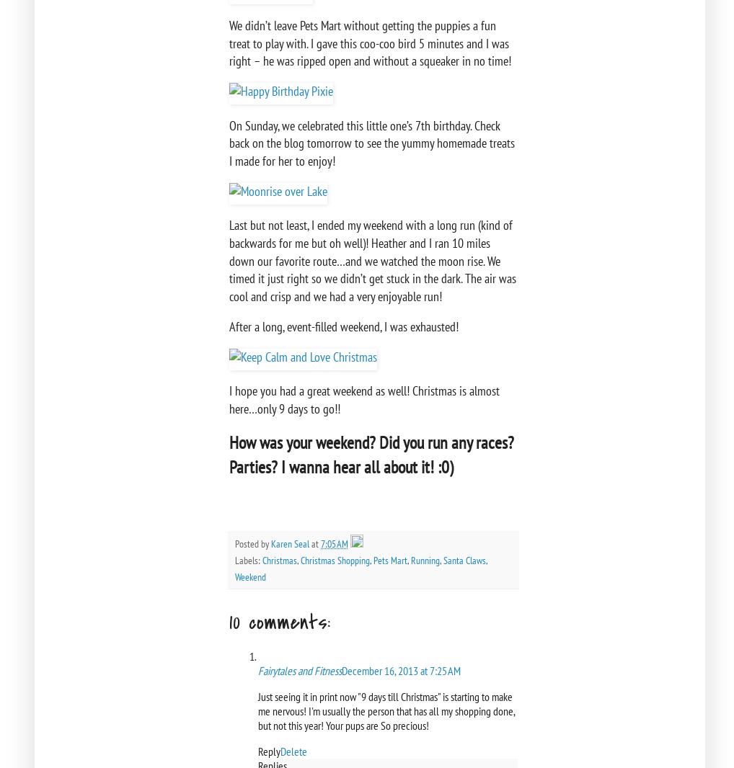 This screenshot has height=768, width=734. I want to click on 'We didn’t leave Pets Mart without getting the puppies a fun treat to play with. I gave this coo-coo bird 5 minutes and I was right – he was ripped open and without a squeaker in no time!', so click(369, 42).